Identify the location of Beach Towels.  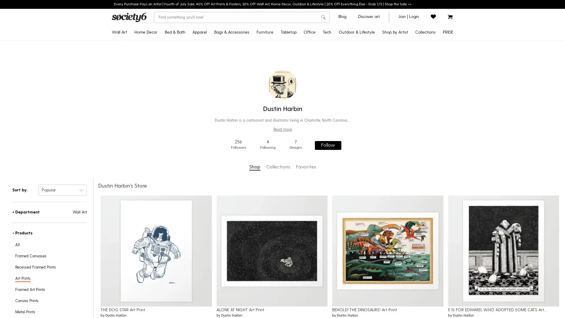
(364, 133).